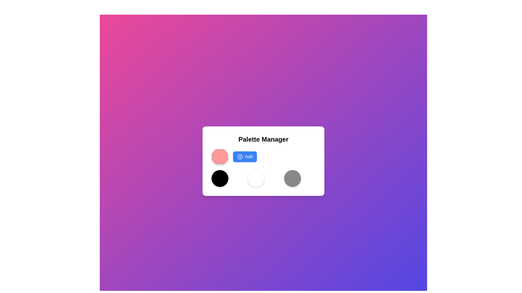 Image resolution: width=522 pixels, height=293 pixels. Describe the element at coordinates (256, 179) in the screenshot. I see `the central circular button located in the row of three circular items, positioned below the 'Palette Manager' title` at that location.